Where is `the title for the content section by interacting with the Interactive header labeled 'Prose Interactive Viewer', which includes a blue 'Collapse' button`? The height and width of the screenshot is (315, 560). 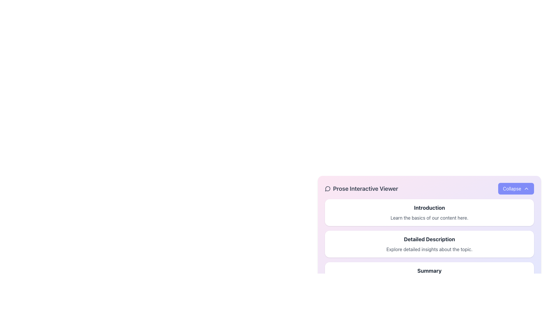 the title for the content section by interacting with the Interactive header labeled 'Prose Interactive Viewer', which includes a blue 'Collapse' button is located at coordinates (429, 189).